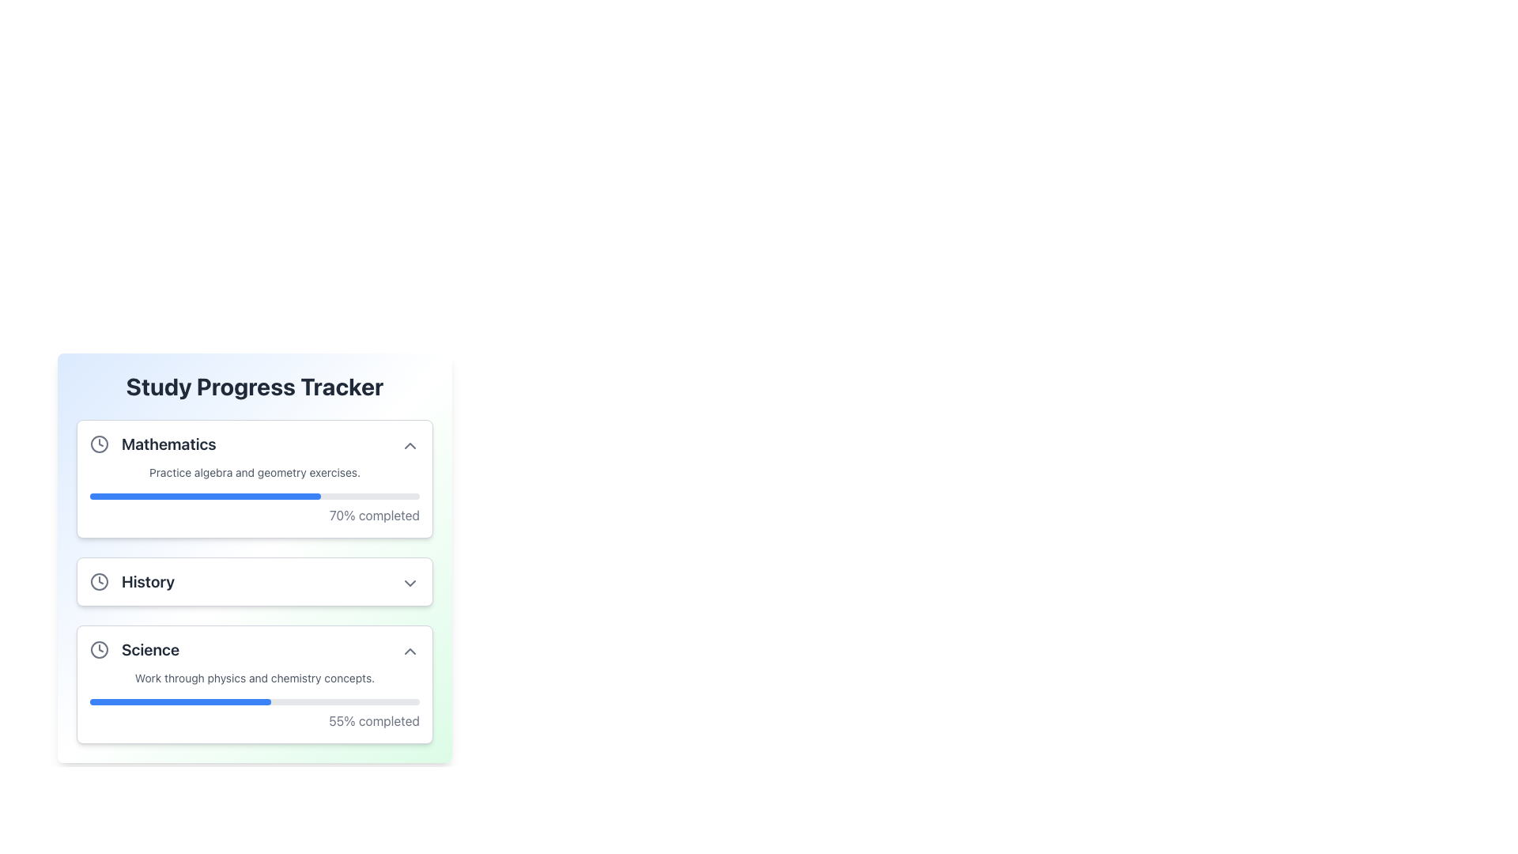  I want to click on the 'History' card, which is the second card in the vertical list of the 'Study Progress Tracker' section, so click(255, 582).